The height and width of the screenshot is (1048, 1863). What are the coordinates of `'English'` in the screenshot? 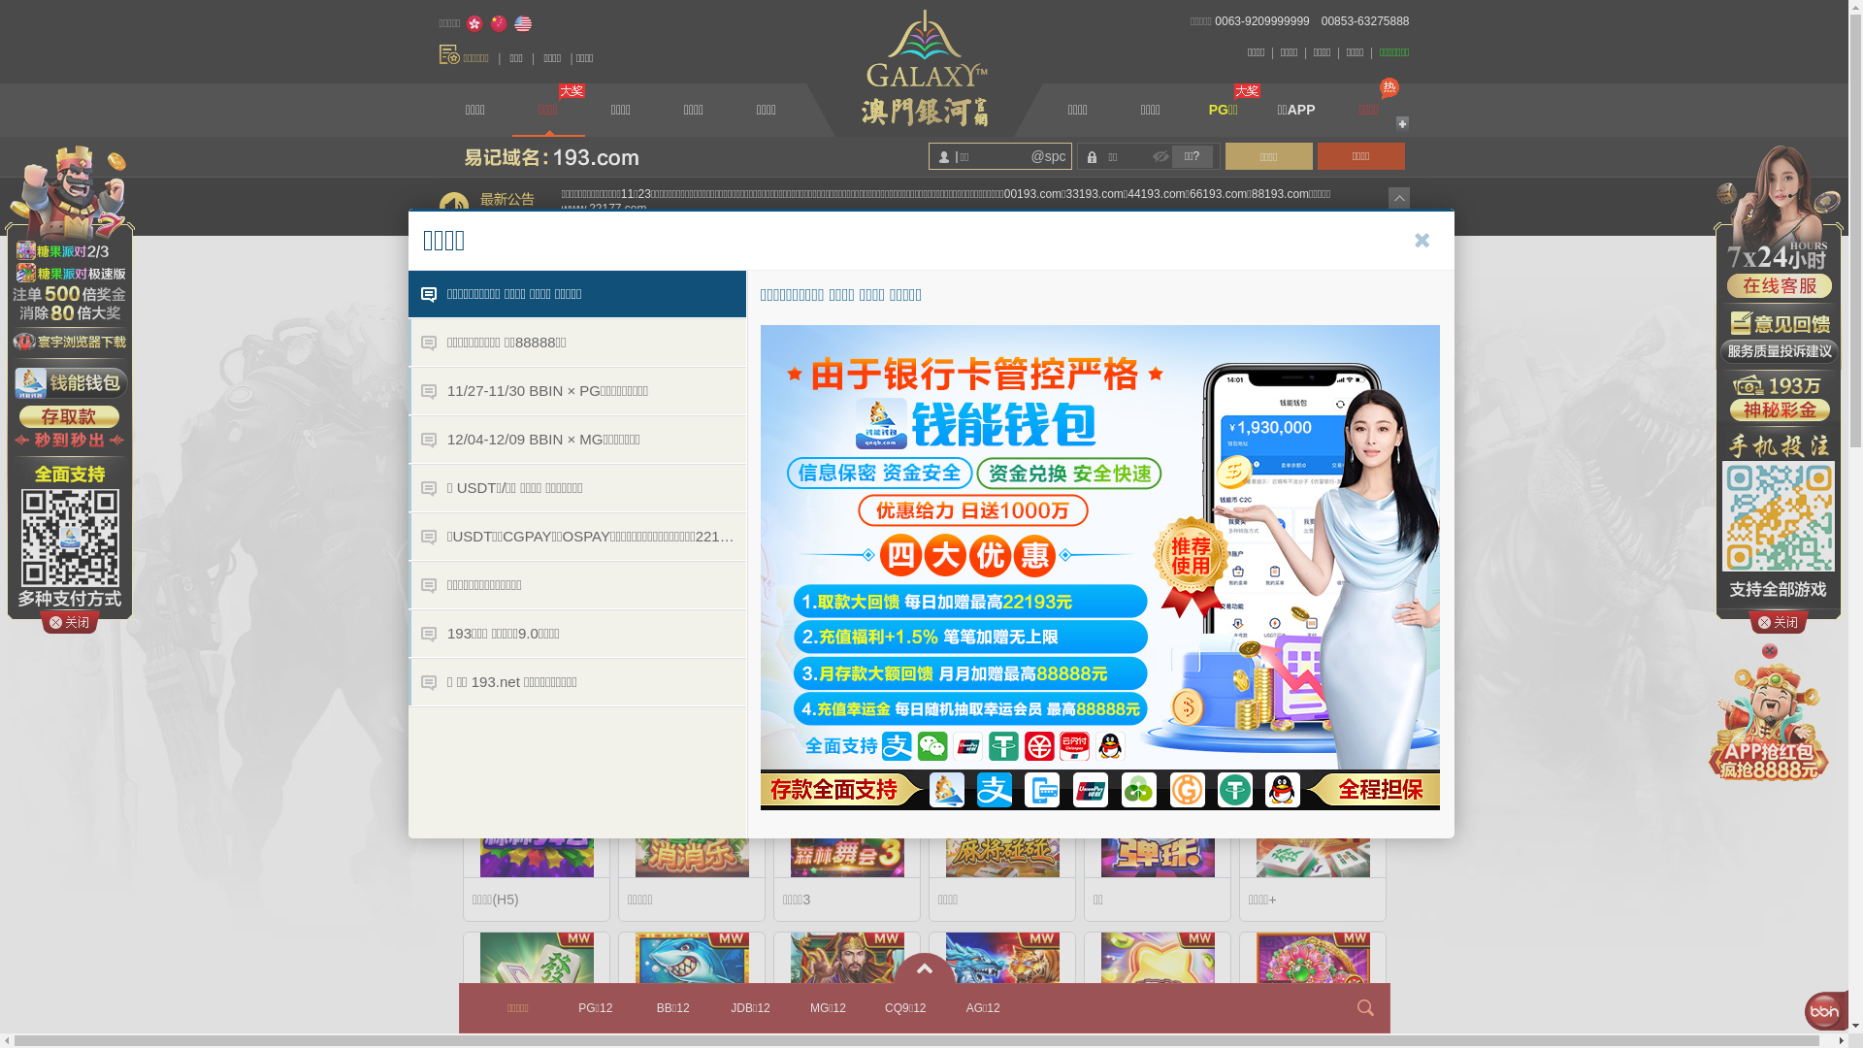 It's located at (522, 23).